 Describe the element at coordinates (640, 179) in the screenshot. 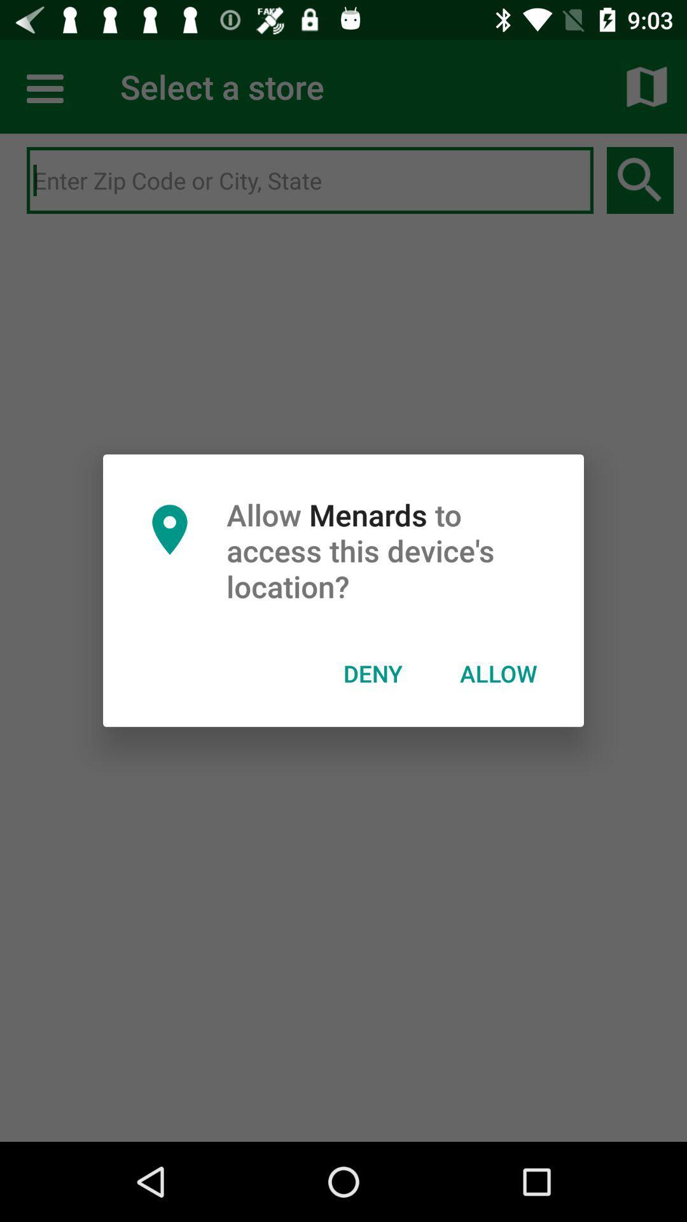

I see `the search icon` at that location.